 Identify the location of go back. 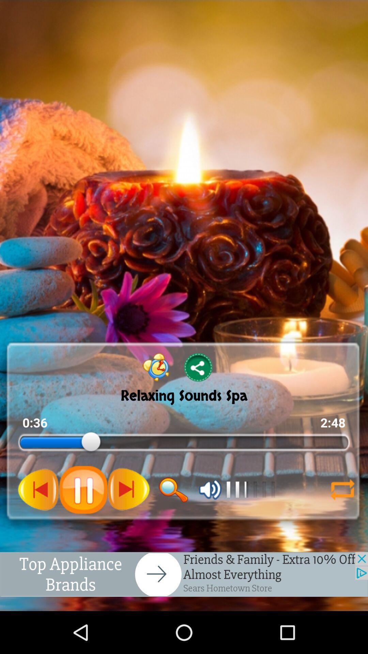
(39, 489).